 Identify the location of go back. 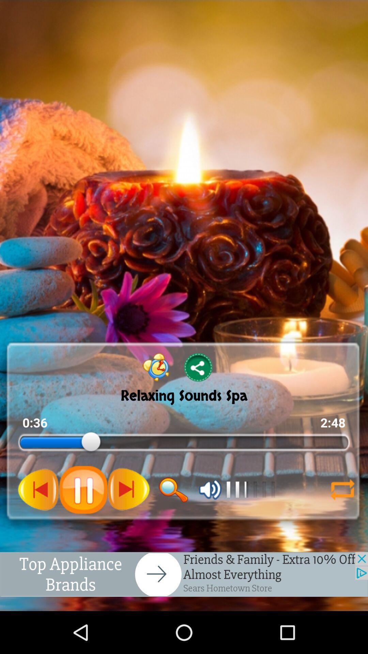
(39, 489).